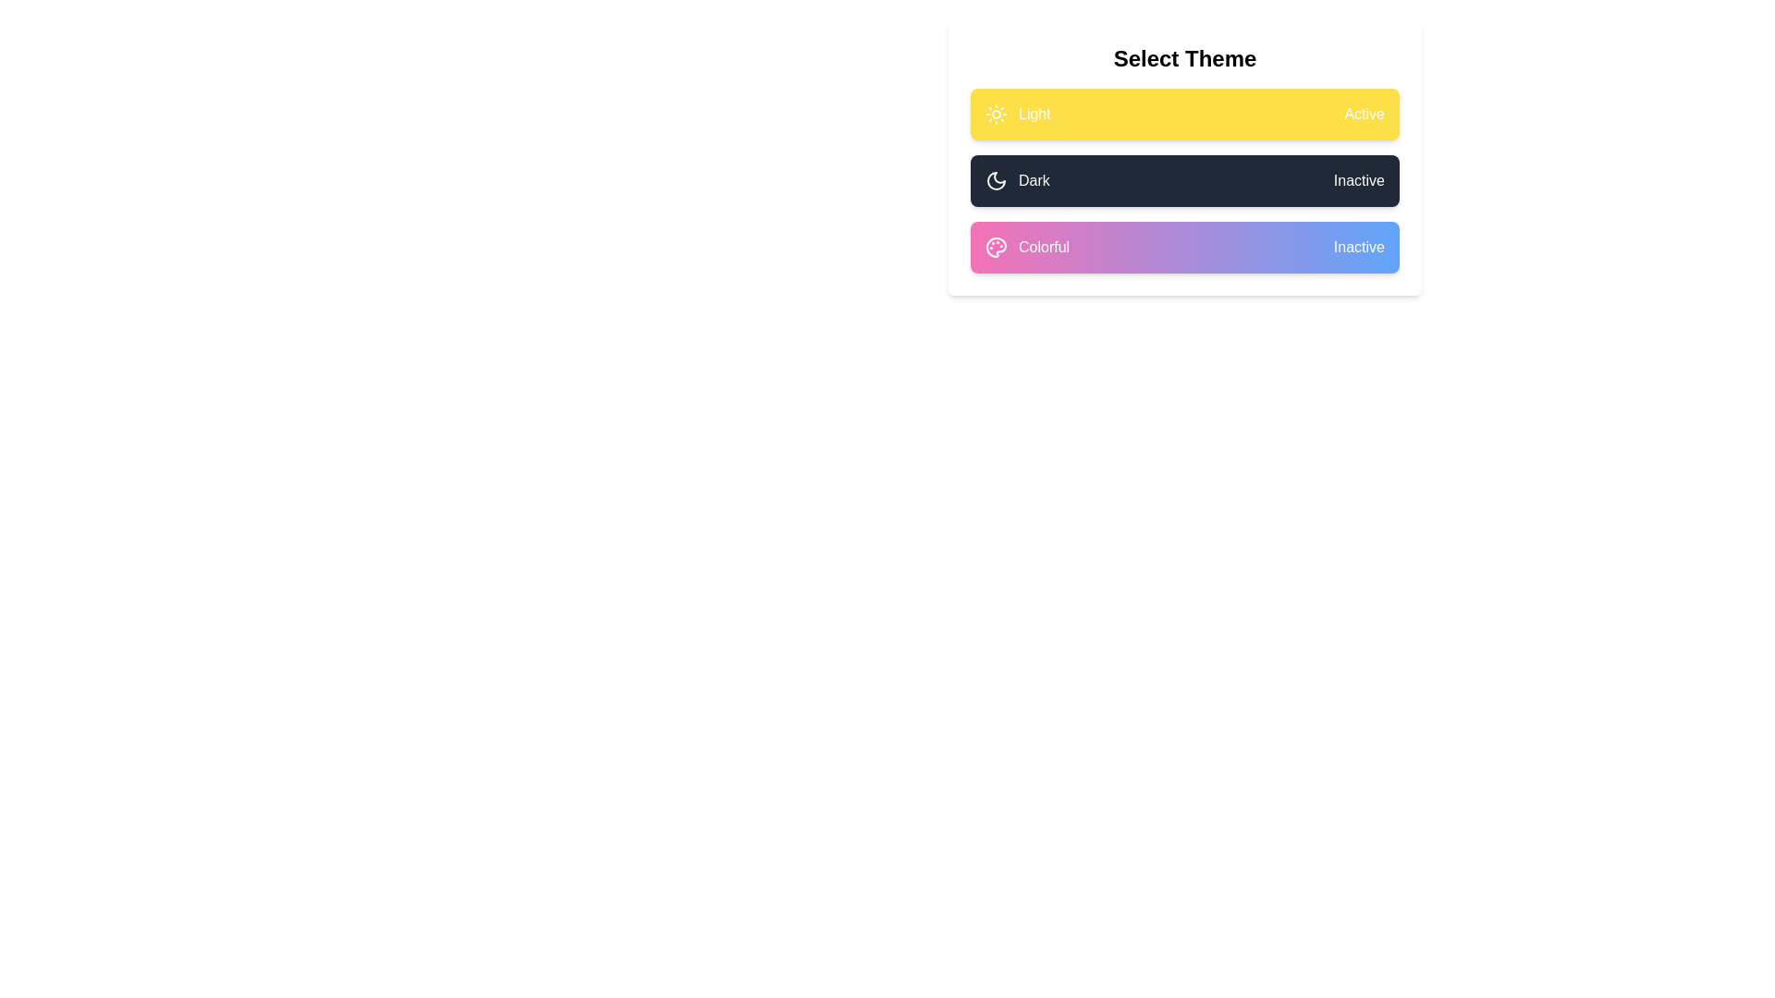 Image resolution: width=1775 pixels, height=998 pixels. I want to click on the theme by clicking on the corresponding button for Light, so click(1184, 114).